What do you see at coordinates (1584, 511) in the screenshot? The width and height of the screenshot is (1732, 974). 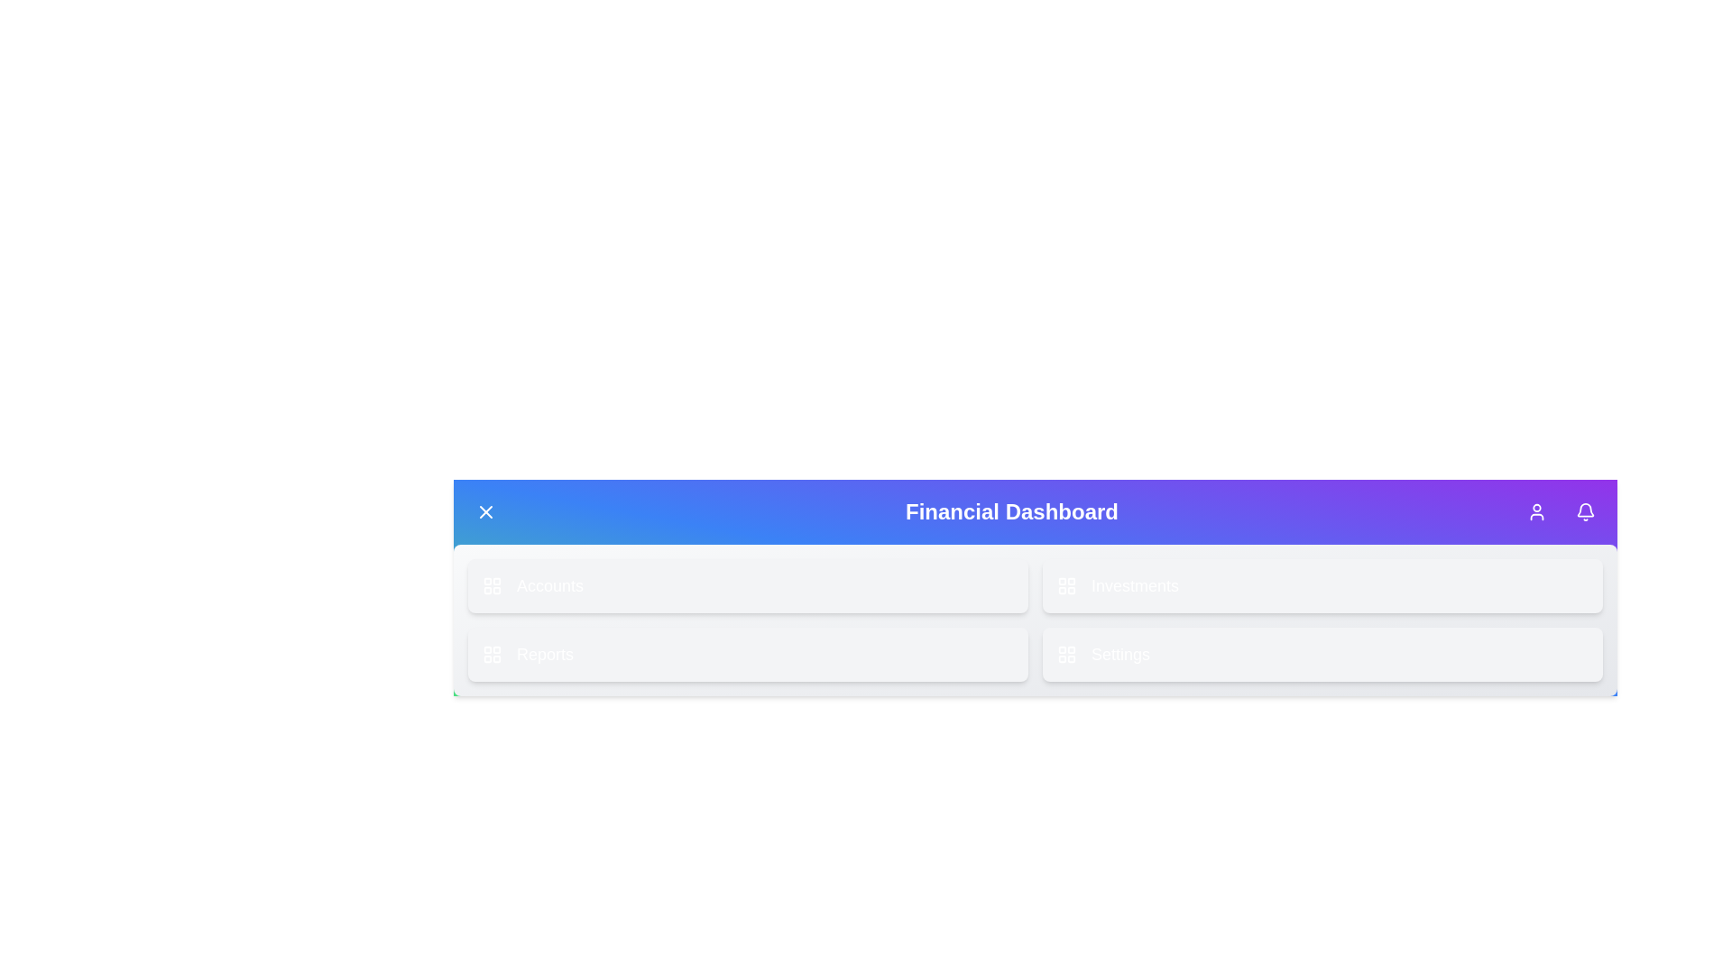 I see `the 'Notifications' icon button` at bounding box center [1584, 511].